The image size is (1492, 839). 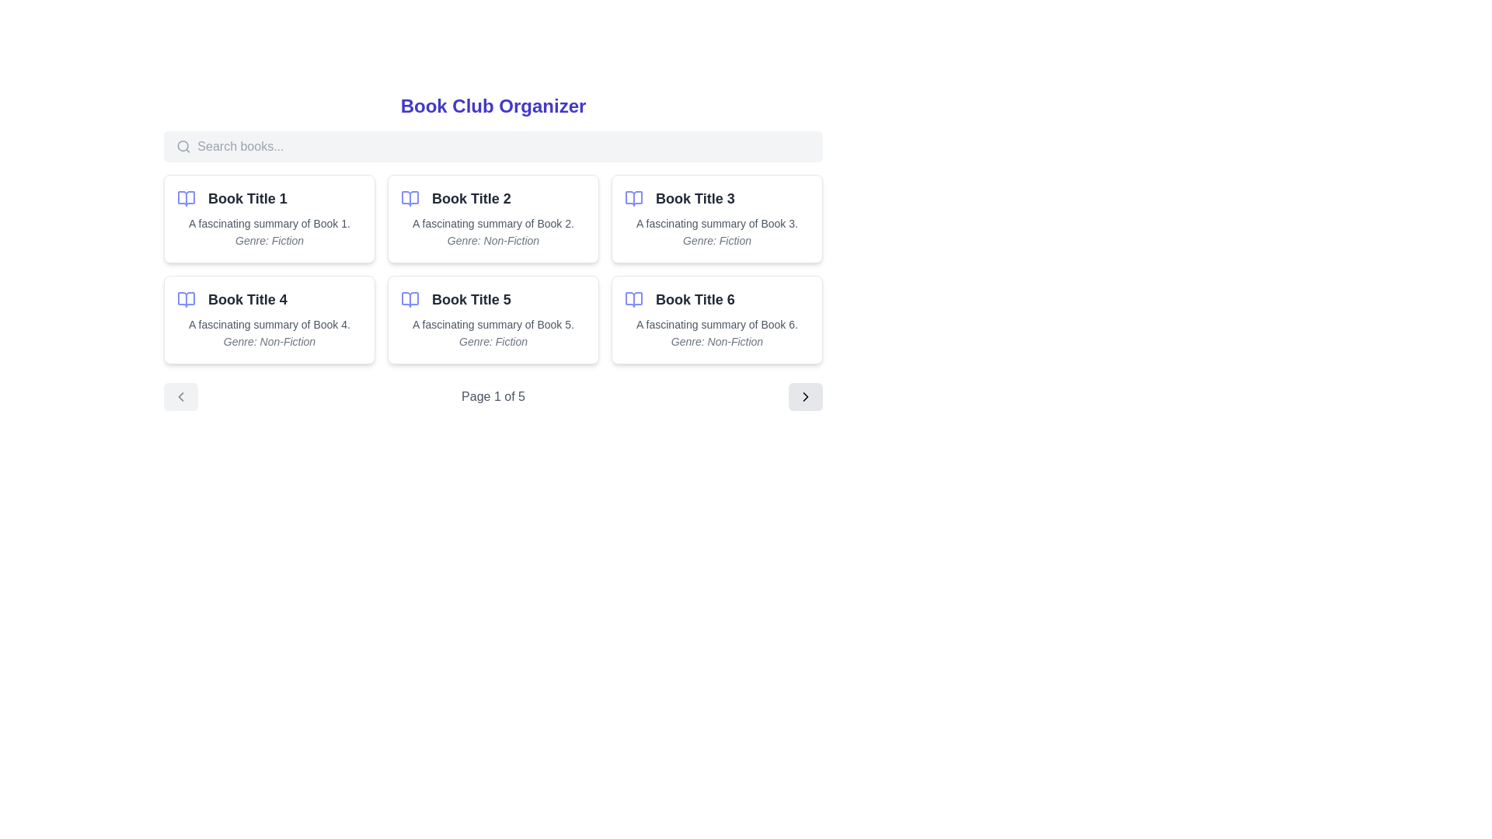 What do you see at coordinates (246, 197) in the screenshot?
I see `the text element displaying 'Book Title 1' in bold, large dark gray font for potential additional information` at bounding box center [246, 197].